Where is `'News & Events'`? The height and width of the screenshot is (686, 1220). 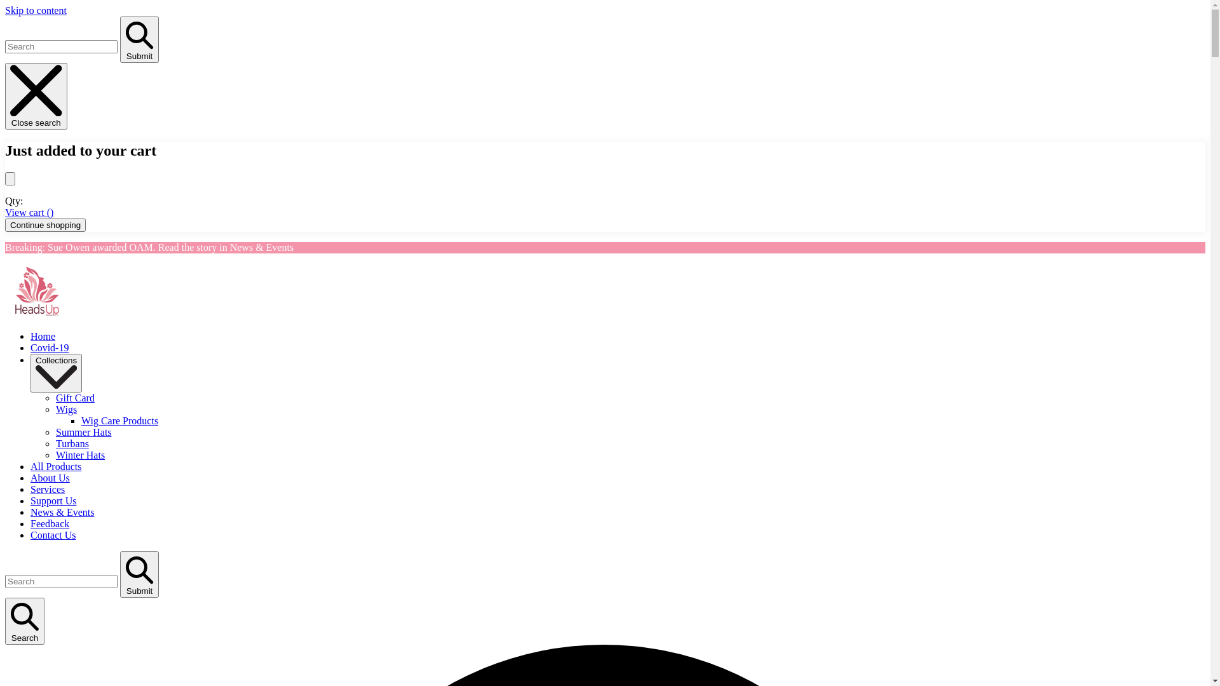
'News & Events' is located at coordinates (61, 511).